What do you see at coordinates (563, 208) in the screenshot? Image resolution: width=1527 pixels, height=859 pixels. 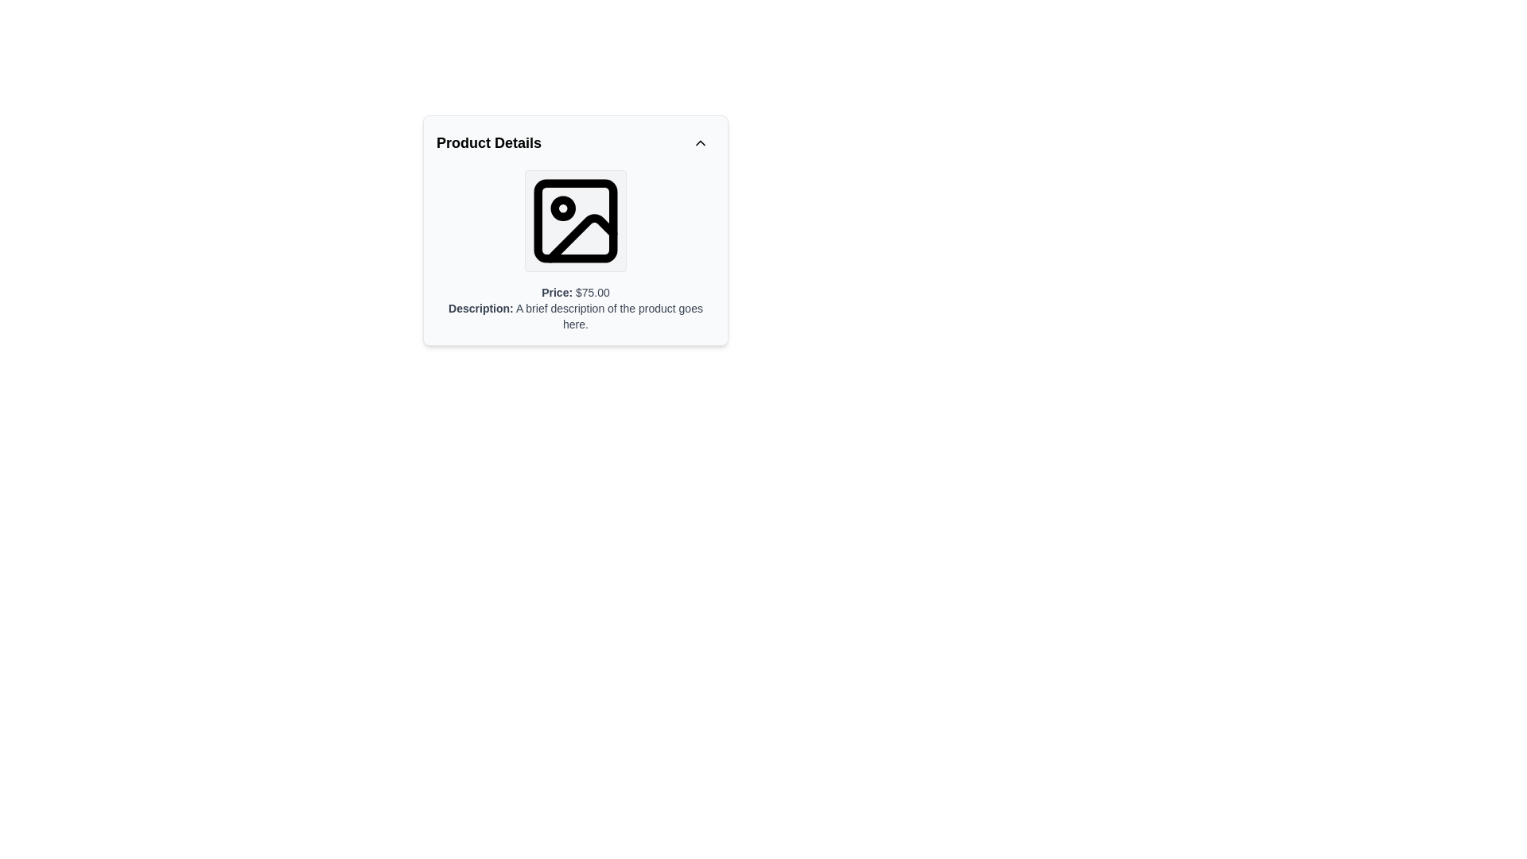 I see `the decorative graphical circle element located at the upper center of the 'Product Details' panel, which serves as an indicator within the context of the image representation` at bounding box center [563, 208].